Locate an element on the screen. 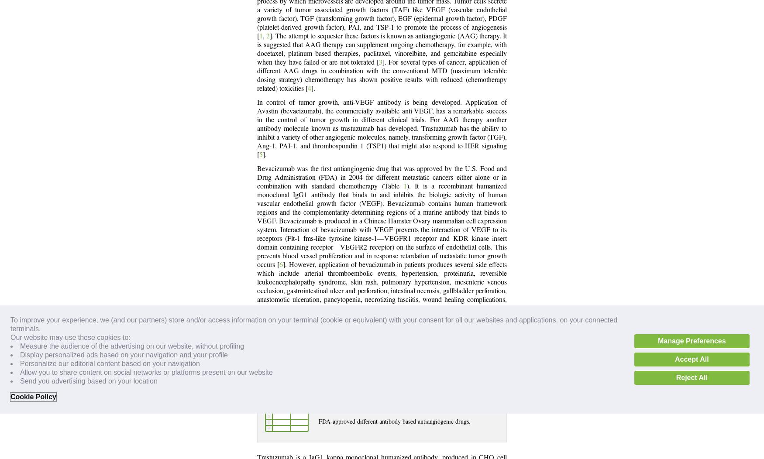 The height and width of the screenshot is (459, 764). 'FDA-approved different antibody based antiangiogenic drugs.' is located at coordinates (394, 421).